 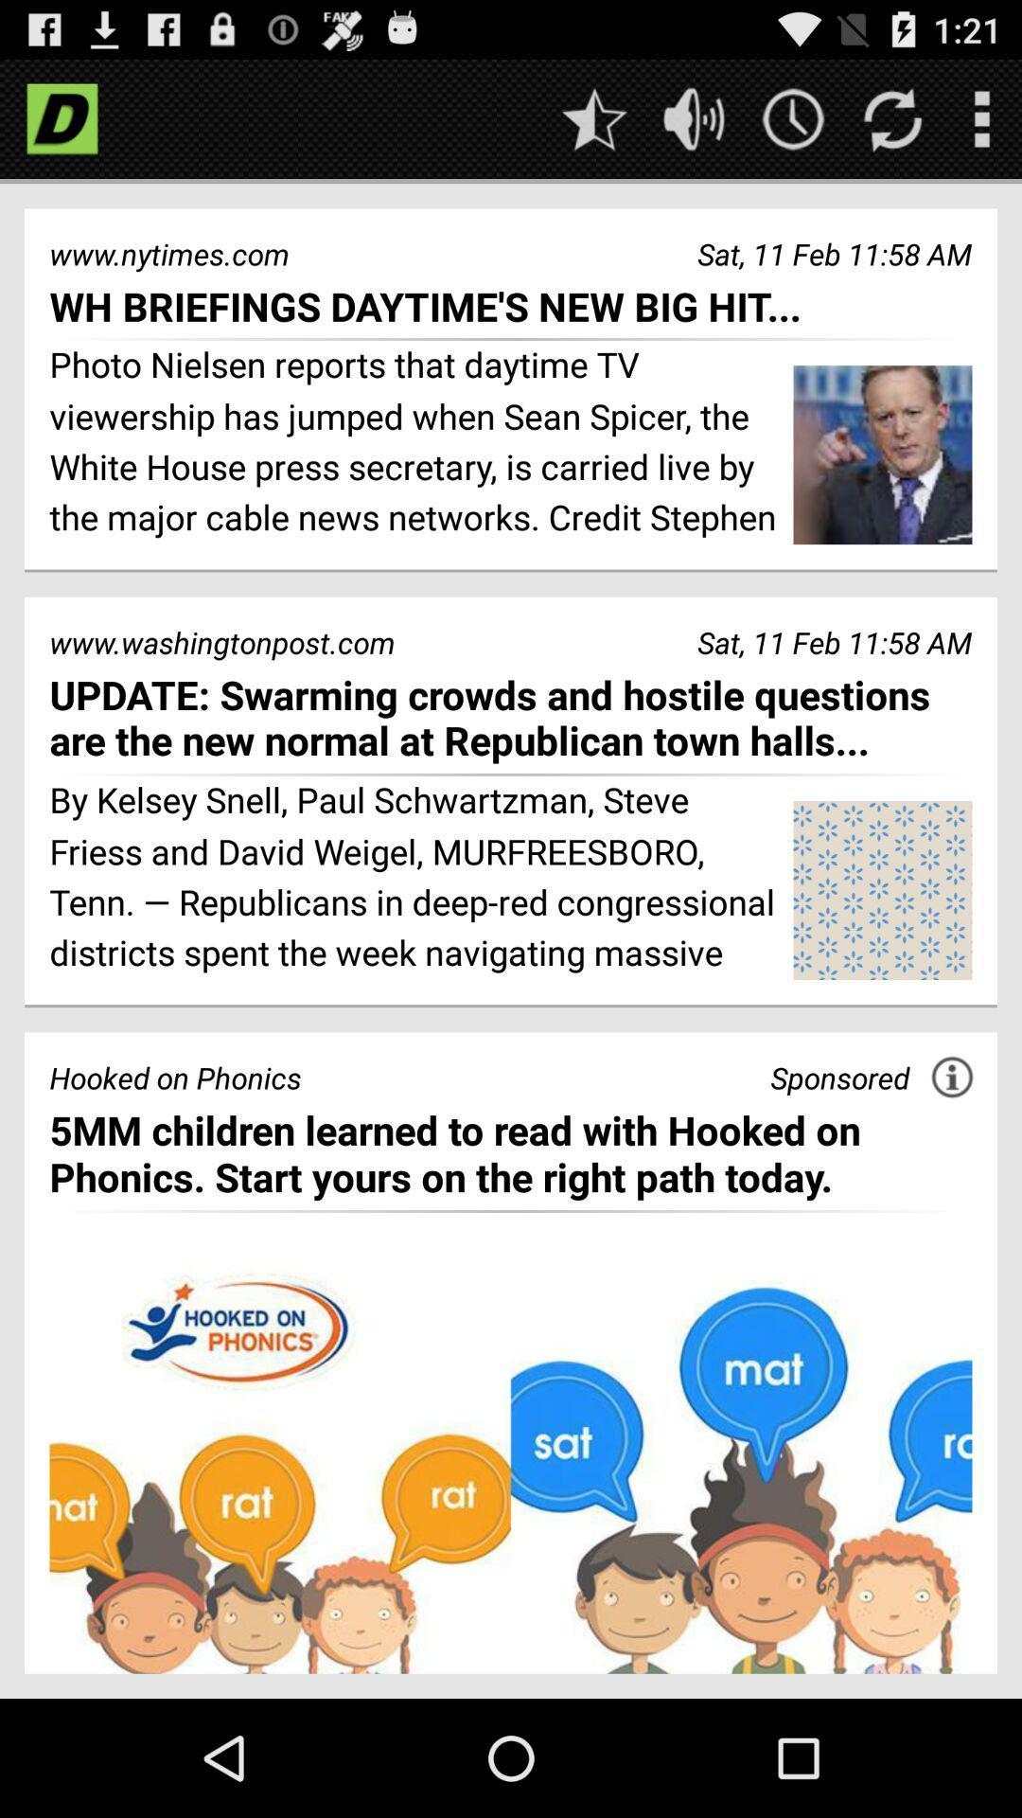 I want to click on volume setting, so click(x=694, y=117).